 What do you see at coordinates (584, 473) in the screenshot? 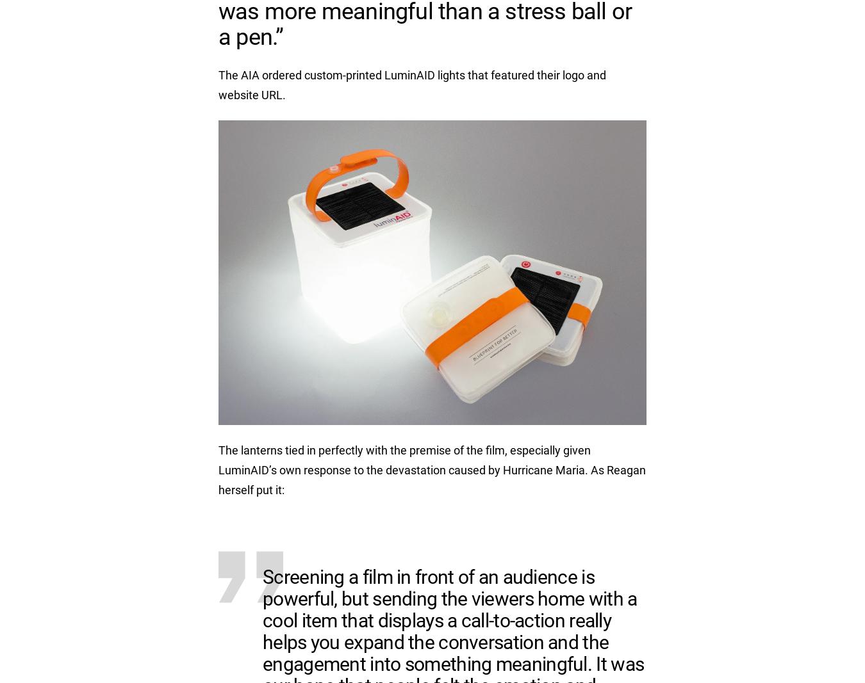
I see `'United States (USD $)'` at bounding box center [584, 473].